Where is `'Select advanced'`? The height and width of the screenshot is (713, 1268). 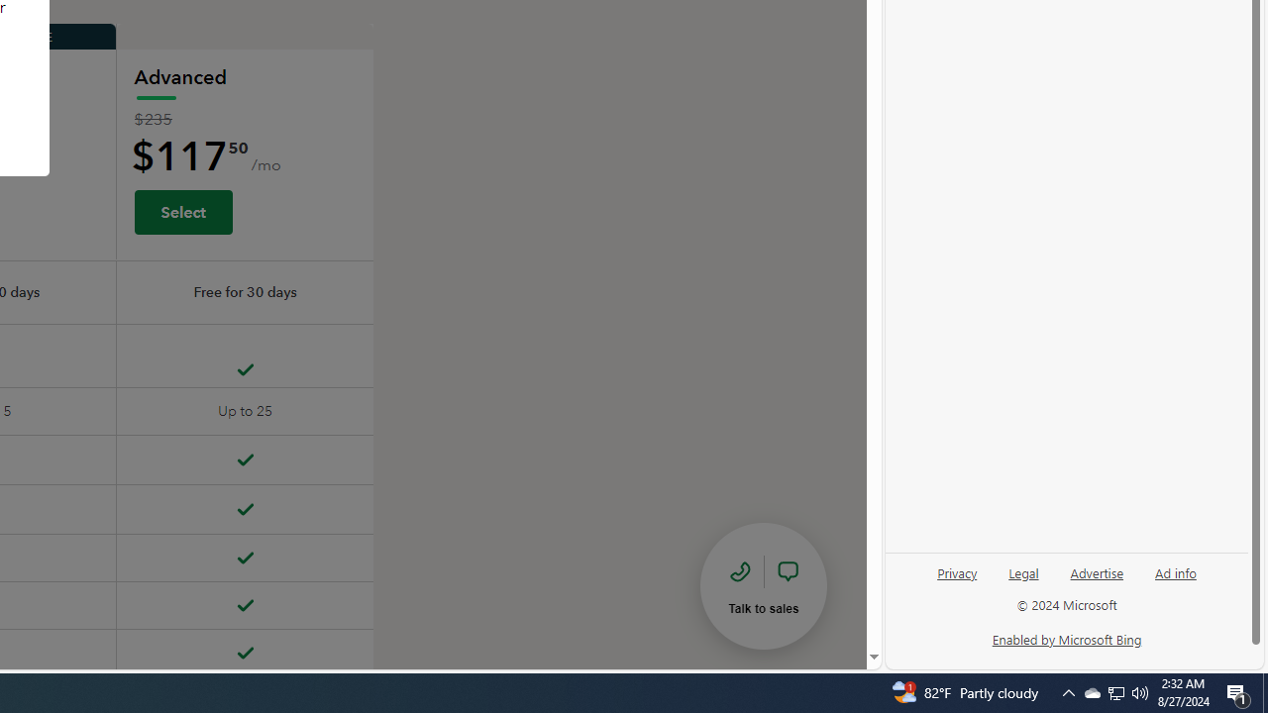
'Select advanced' is located at coordinates (182, 211).